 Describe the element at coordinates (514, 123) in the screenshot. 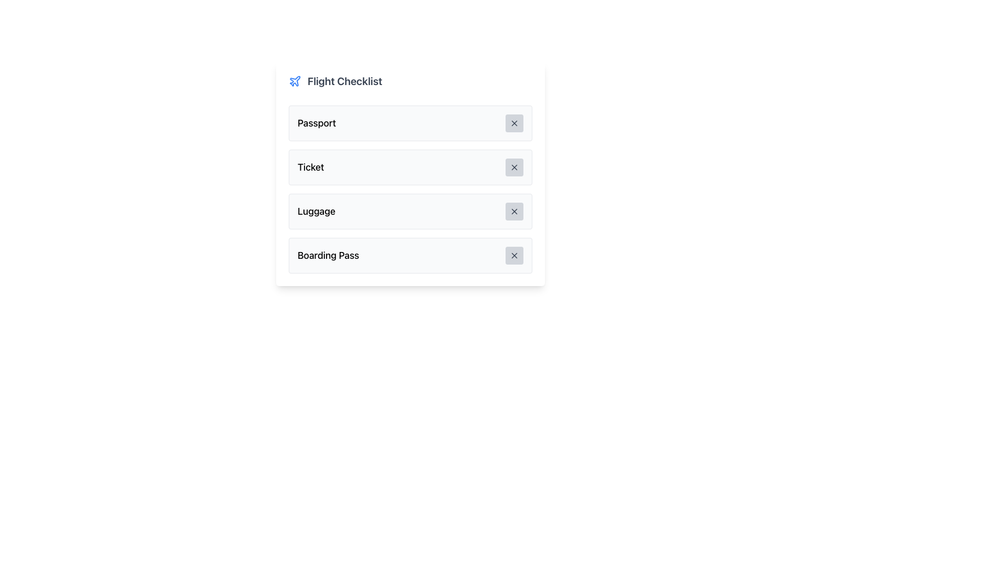

I see `the close icon` at that location.